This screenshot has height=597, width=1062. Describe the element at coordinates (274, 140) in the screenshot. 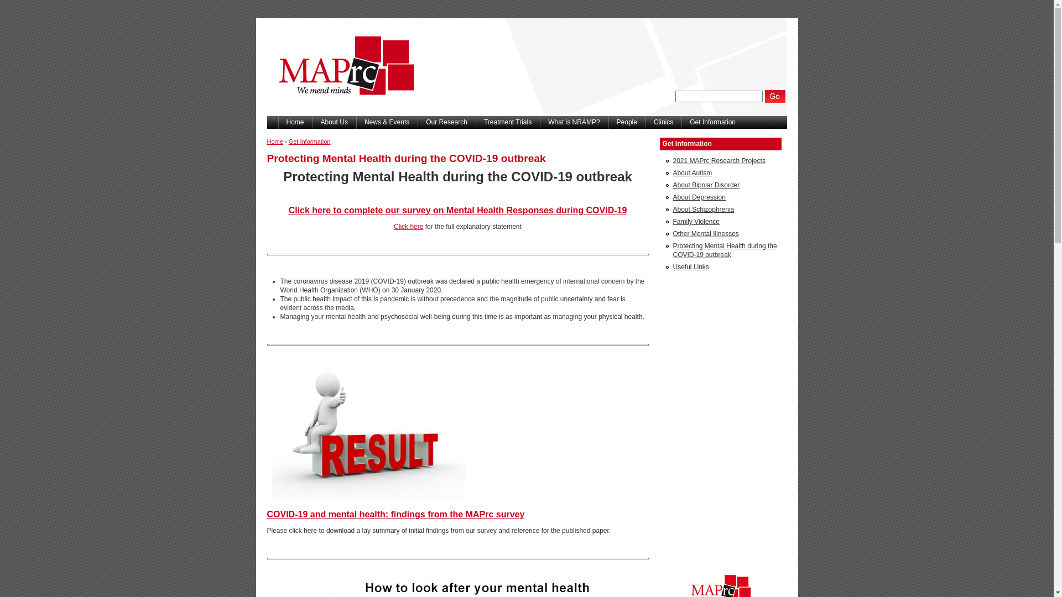

I see `'Home'` at that location.